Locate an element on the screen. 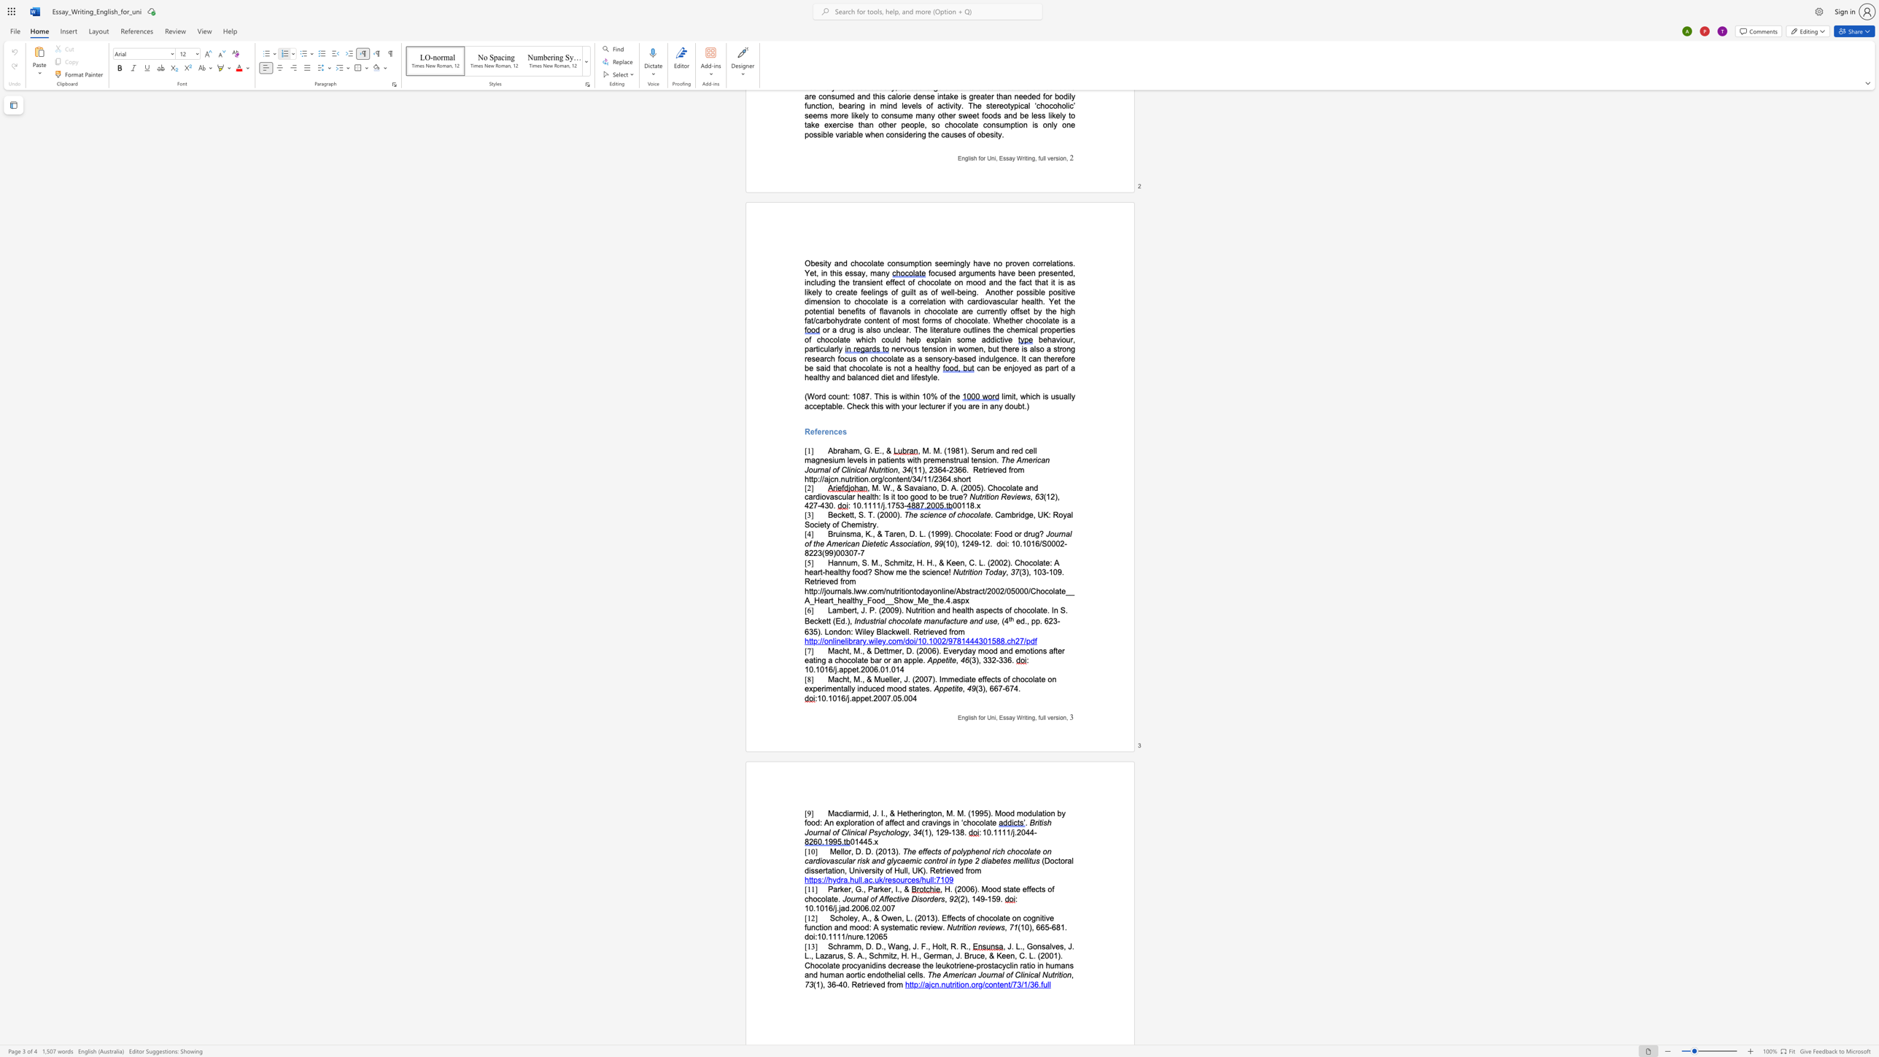 This screenshot has width=1879, height=1057. the space between the continuous character ")" and "," in the text is located at coordinates (931, 832).